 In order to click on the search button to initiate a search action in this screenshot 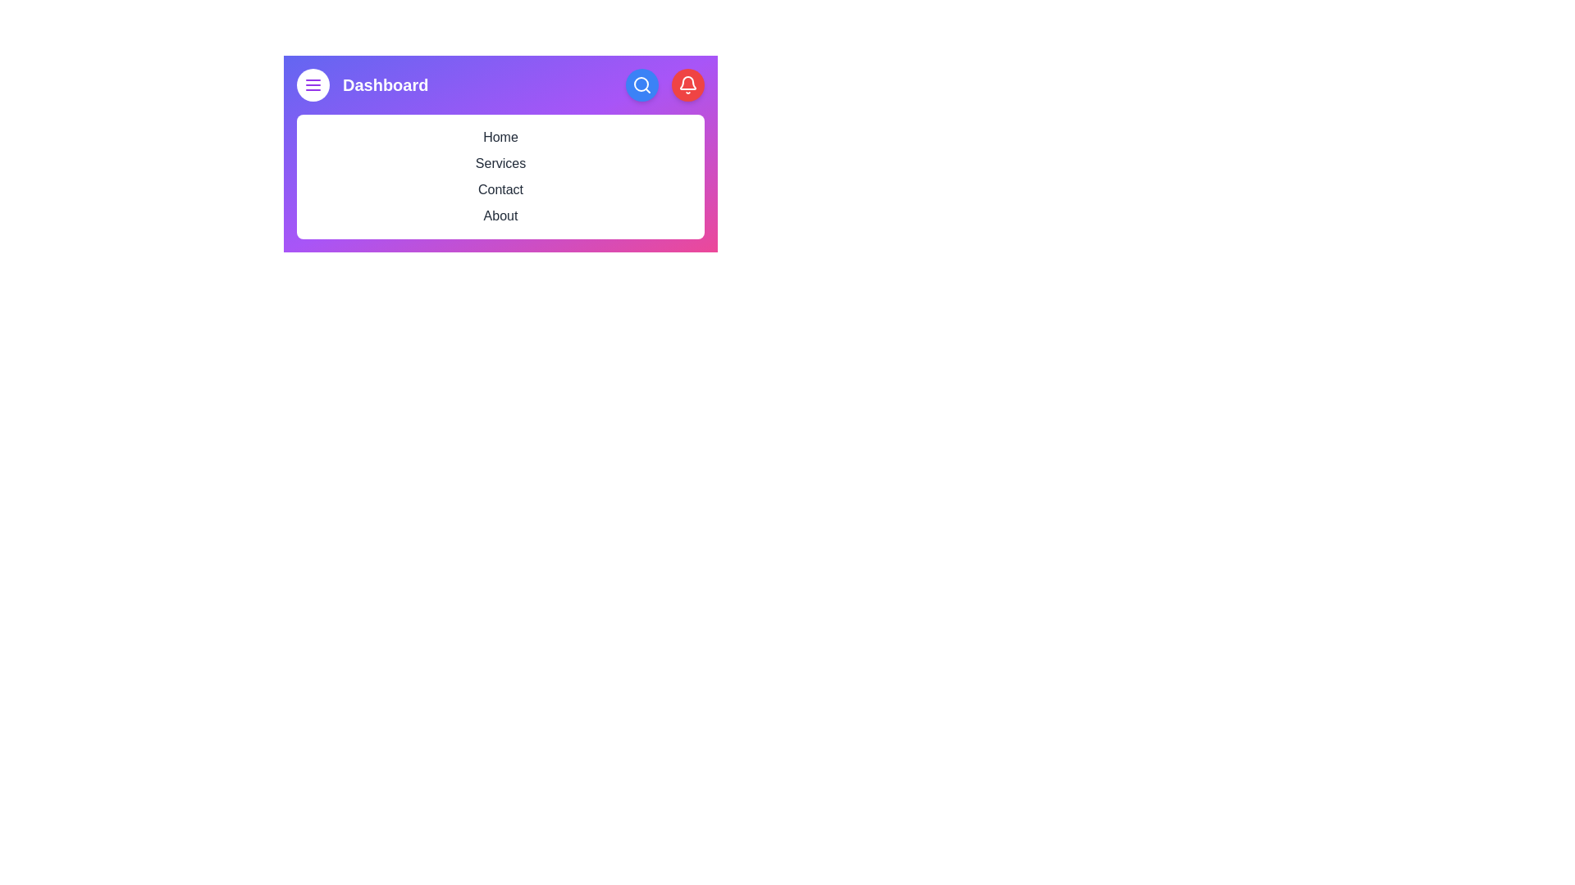, I will do `click(641, 85)`.